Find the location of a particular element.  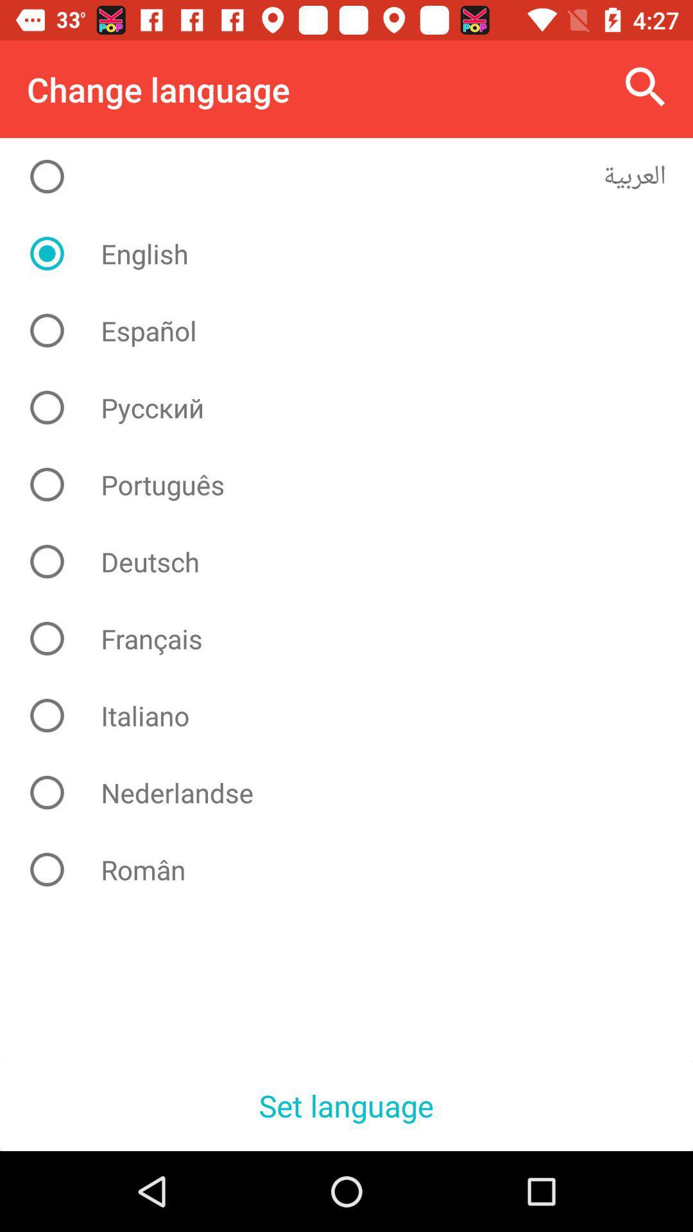

the item below italiano icon is located at coordinates (356, 792).